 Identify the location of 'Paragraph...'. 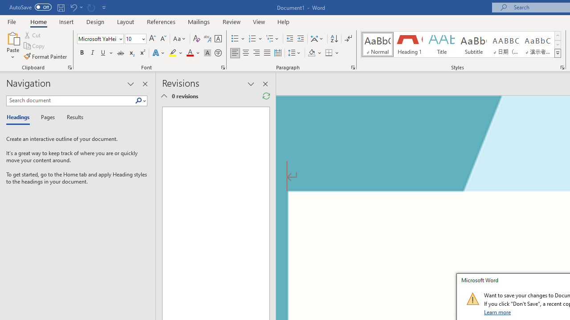
(352, 67).